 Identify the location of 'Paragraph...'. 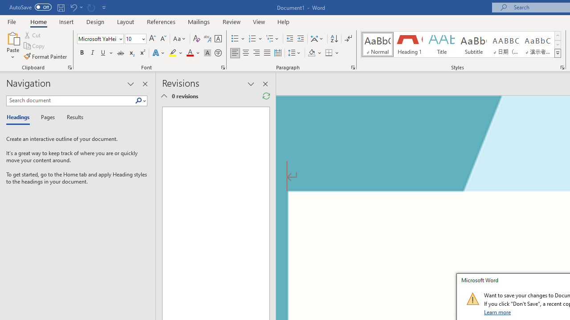
(352, 67).